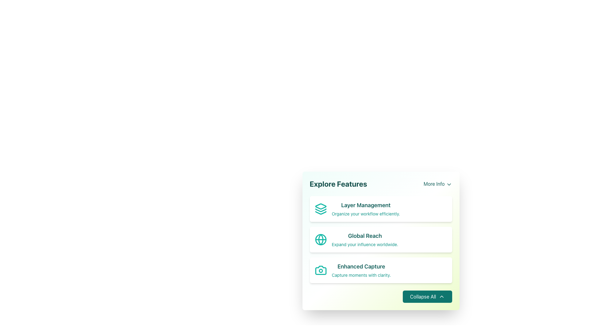 Image resolution: width=589 pixels, height=331 pixels. I want to click on the title Text Label for the 'Enhanced Capture' feature, which is centrally located in its card and positioned between the 'Global Reach' card and the card footer, so click(361, 266).